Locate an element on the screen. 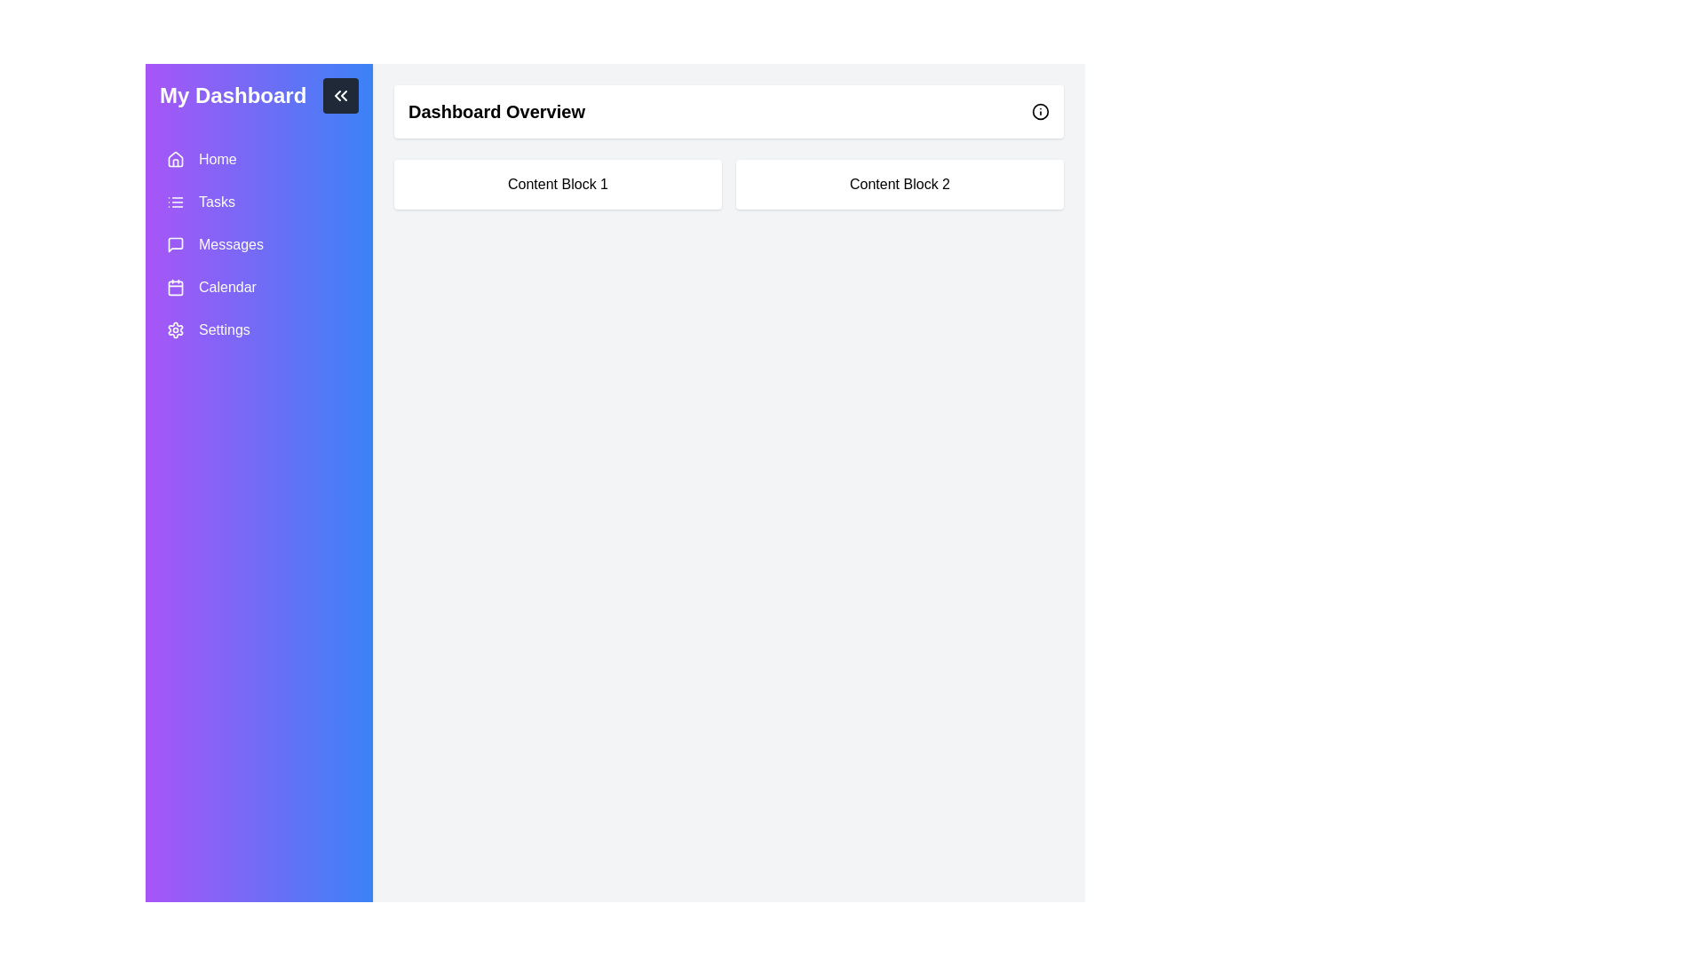 This screenshot has width=1705, height=959. the circular graphical component of the 'info' icon located in the upper right section of the main interface adjacent to the 'Dashboard Overview' header is located at coordinates (1040, 110).